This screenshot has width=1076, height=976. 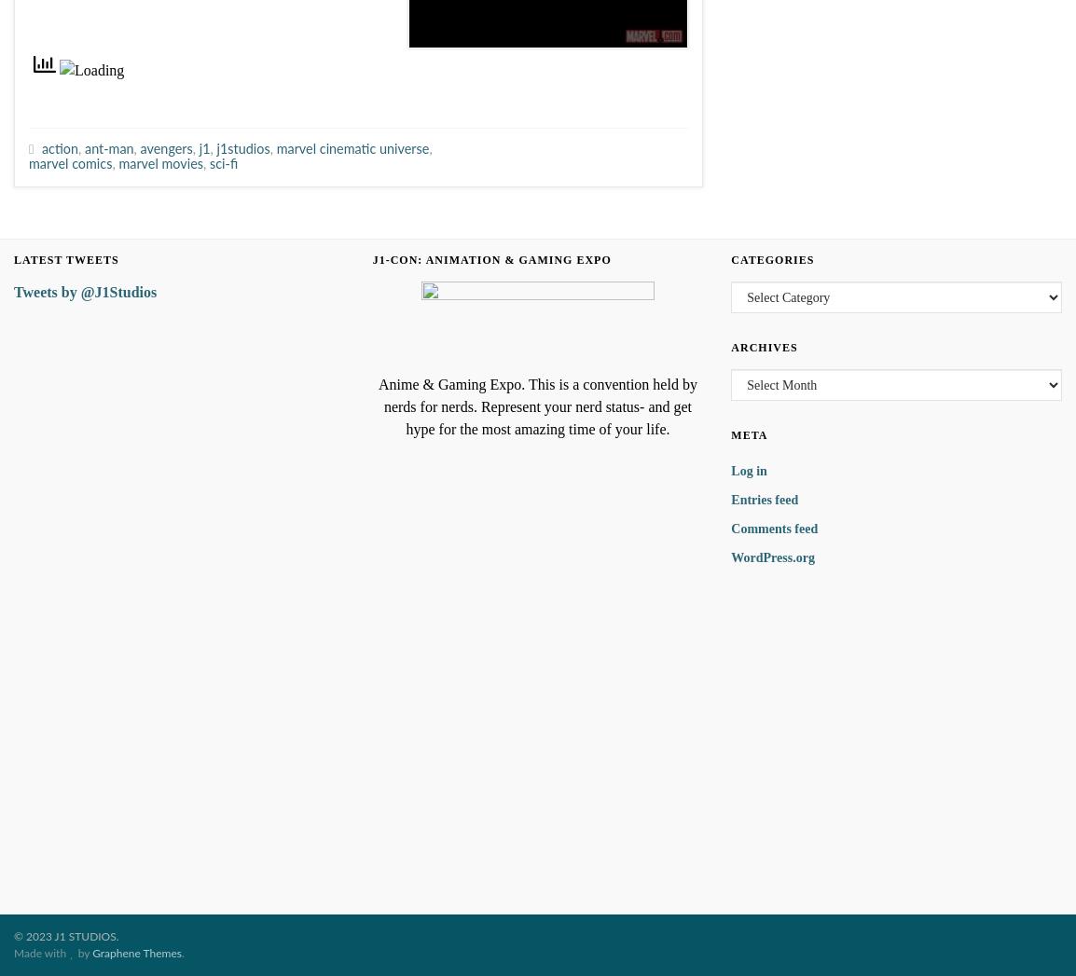 I want to click on 'Anime & Gaming Expo. This is a convention held by nerds for nerds. Represent your nerd status- and get hype for the most amazing time of your life.', so click(x=537, y=406).